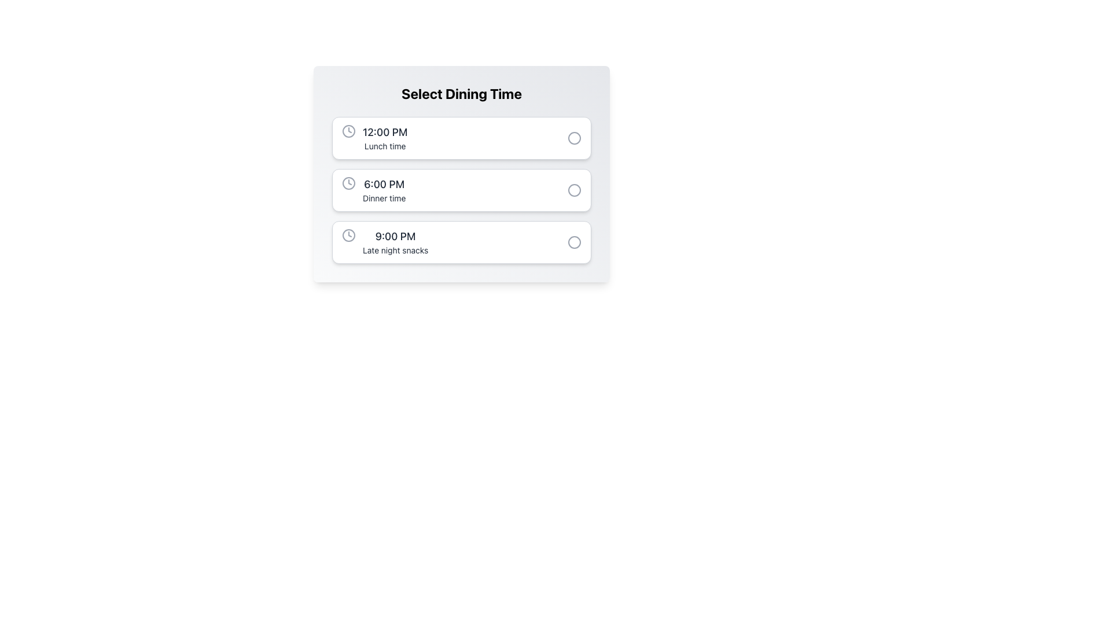 The height and width of the screenshot is (625, 1111). I want to click on the Radio Button Option Card located in the central region of the interface, so click(461, 189).